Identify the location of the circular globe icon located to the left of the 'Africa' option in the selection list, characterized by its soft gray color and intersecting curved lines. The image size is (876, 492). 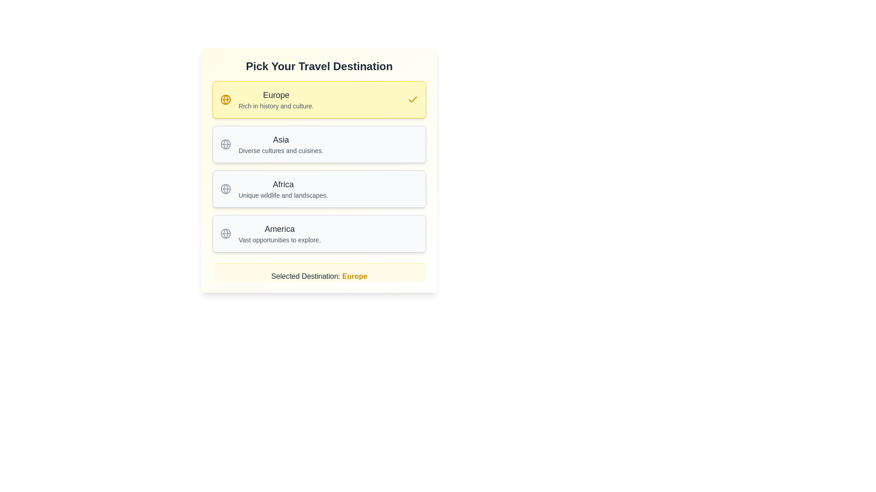
(225, 189).